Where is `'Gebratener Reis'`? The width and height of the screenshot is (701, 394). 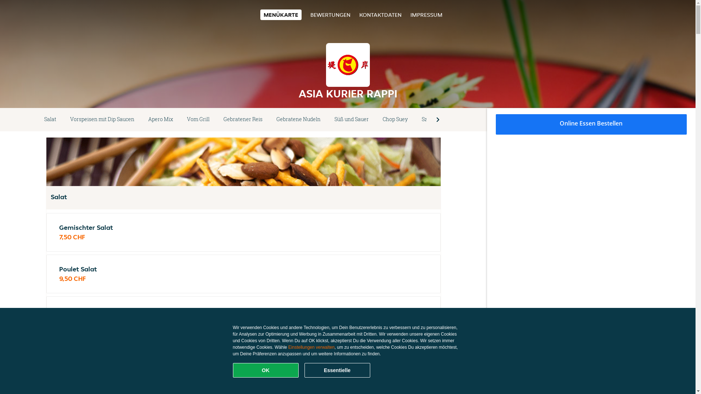 'Gebratener Reis' is located at coordinates (216, 119).